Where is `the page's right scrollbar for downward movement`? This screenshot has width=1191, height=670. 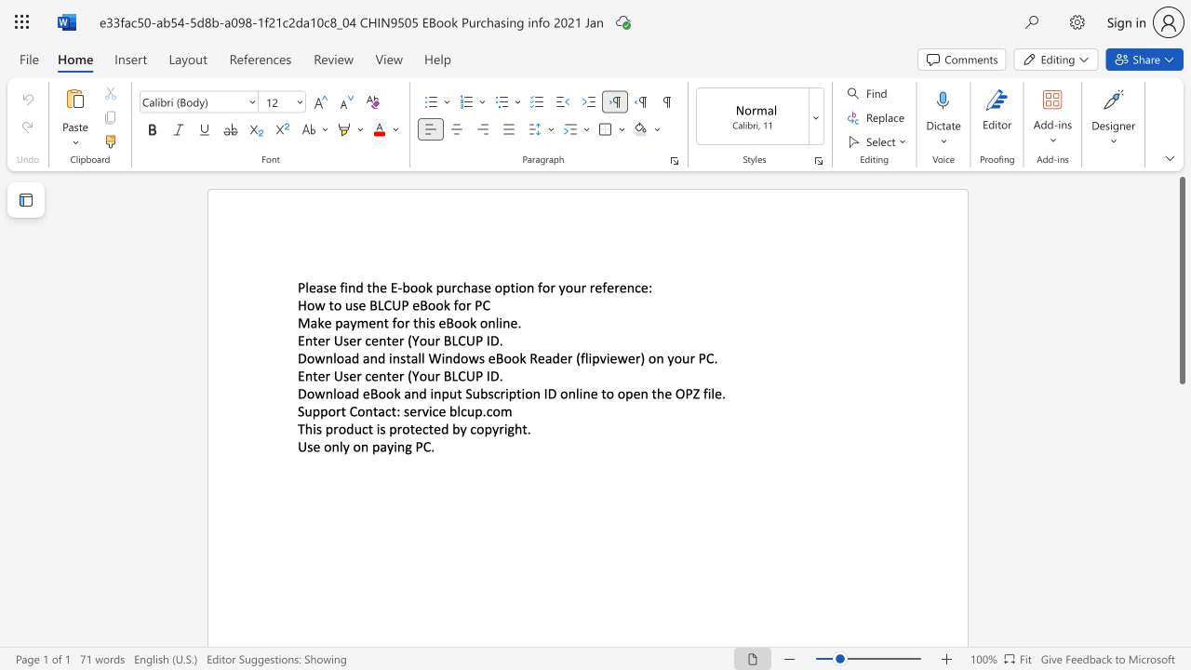
the page's right scrollbar for downward movement is located at coordinates (1181, 502).